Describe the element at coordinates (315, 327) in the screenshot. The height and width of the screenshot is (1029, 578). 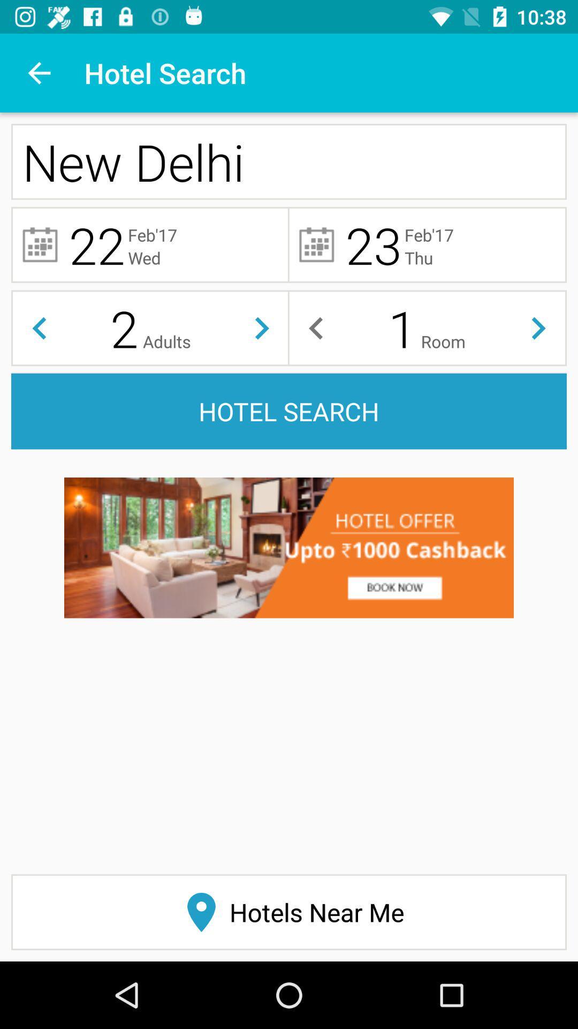
I see `to select the number of rooms` at that location.